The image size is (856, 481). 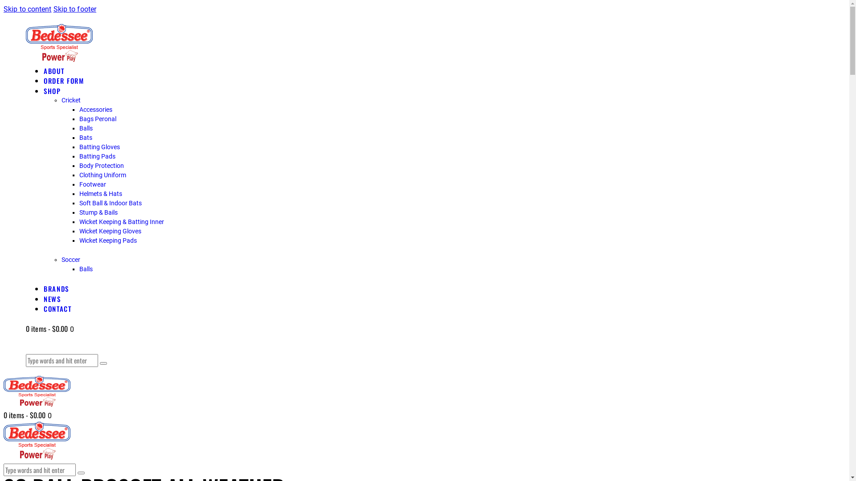 What do you see at coordinates (52, 91) in the screenshot?
I see `'SHOP'` at bounding box center [52, 91].